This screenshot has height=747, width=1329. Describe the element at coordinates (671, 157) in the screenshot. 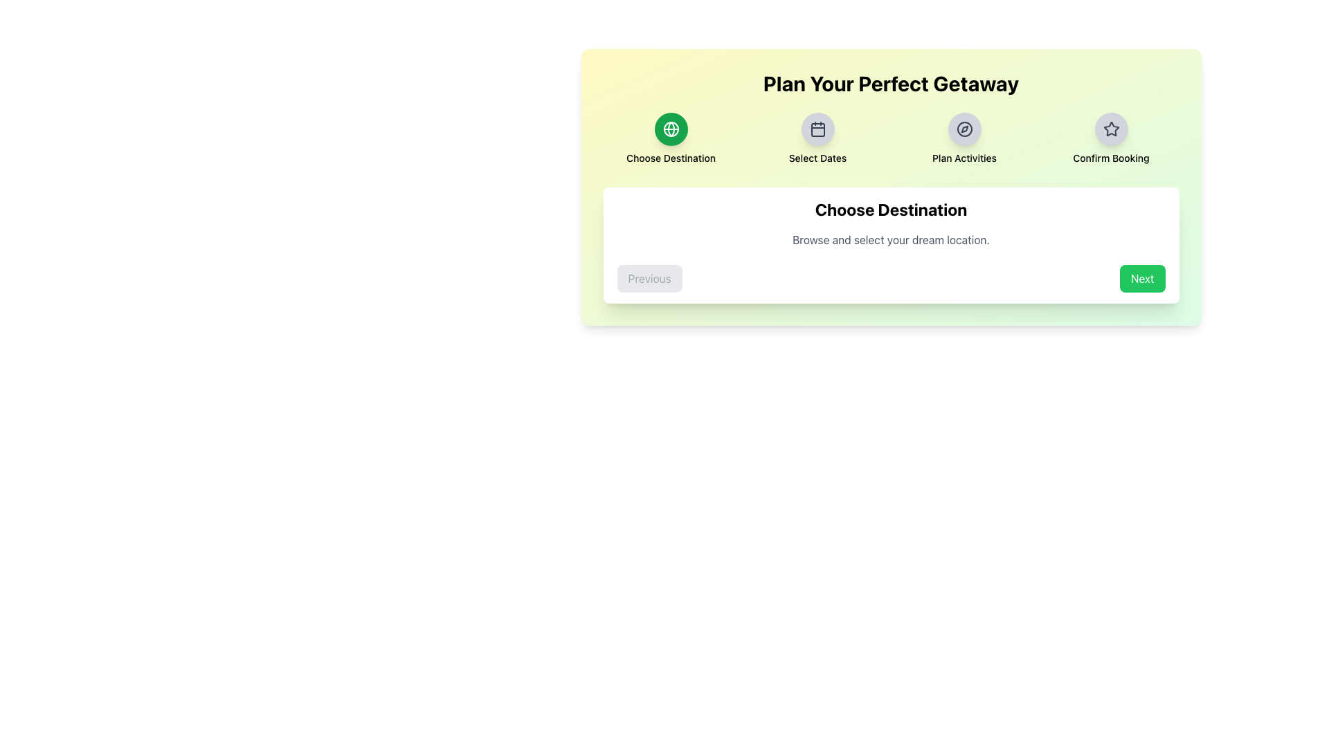

I see `the text label displaying 'Choose Destination', which is styled in bold black sans-serif font and positioned below a green globe icon` at that location.